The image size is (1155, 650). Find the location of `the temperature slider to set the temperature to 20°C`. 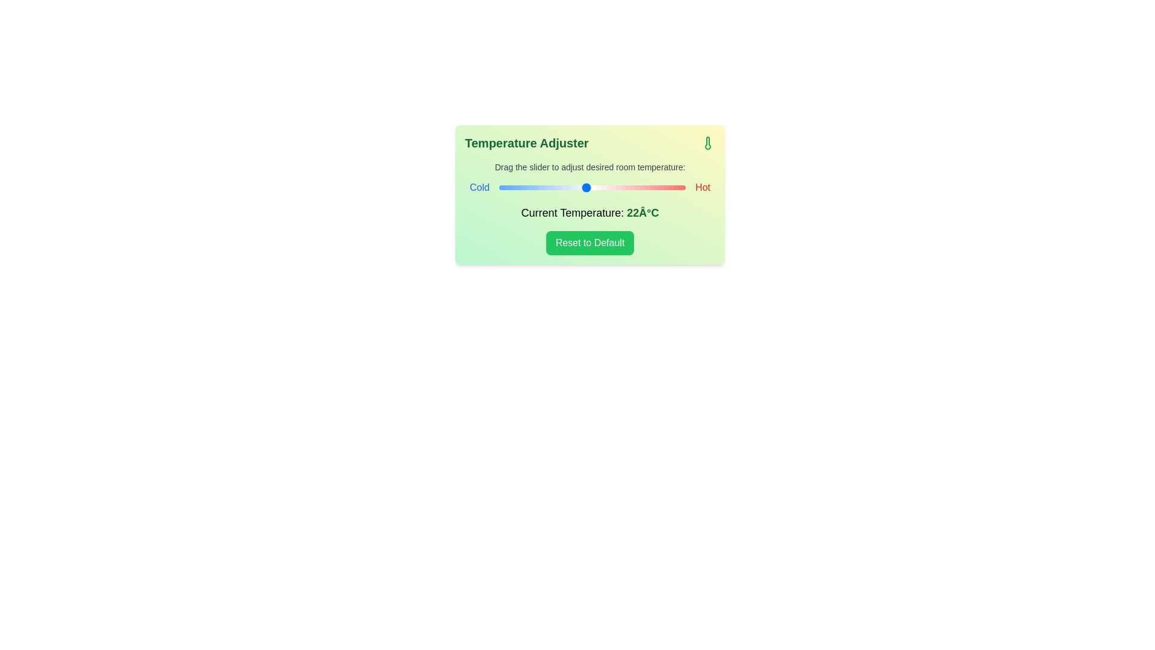

the temperature slider to set the temperature to 20°C is located at coordinates (561, 188).